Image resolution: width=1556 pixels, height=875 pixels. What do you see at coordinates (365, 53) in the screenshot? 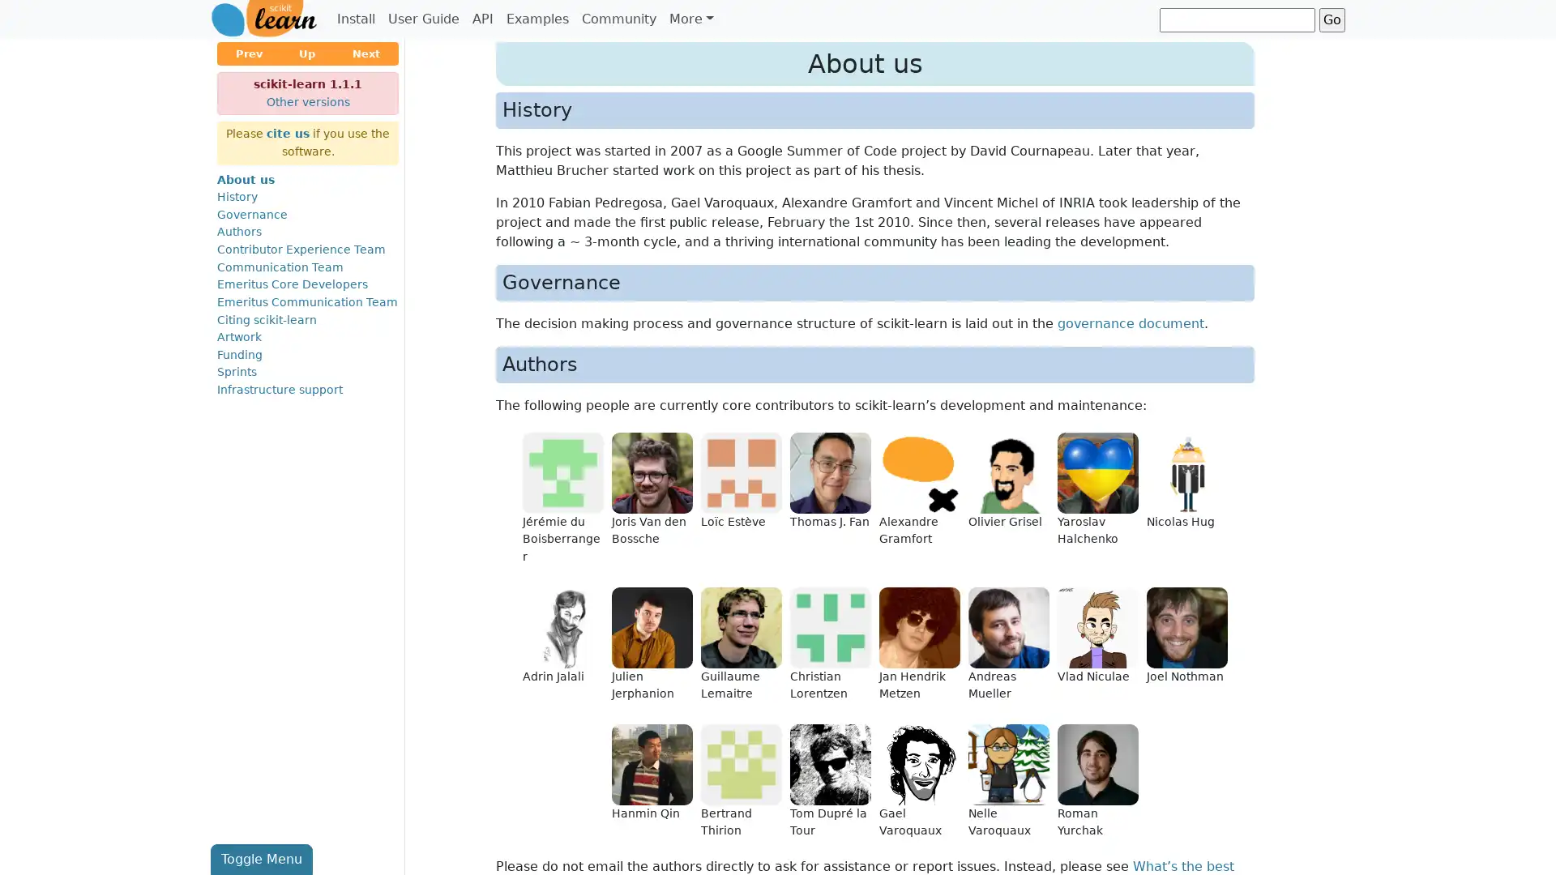
I see `Next` at bounding box center [365, 53].